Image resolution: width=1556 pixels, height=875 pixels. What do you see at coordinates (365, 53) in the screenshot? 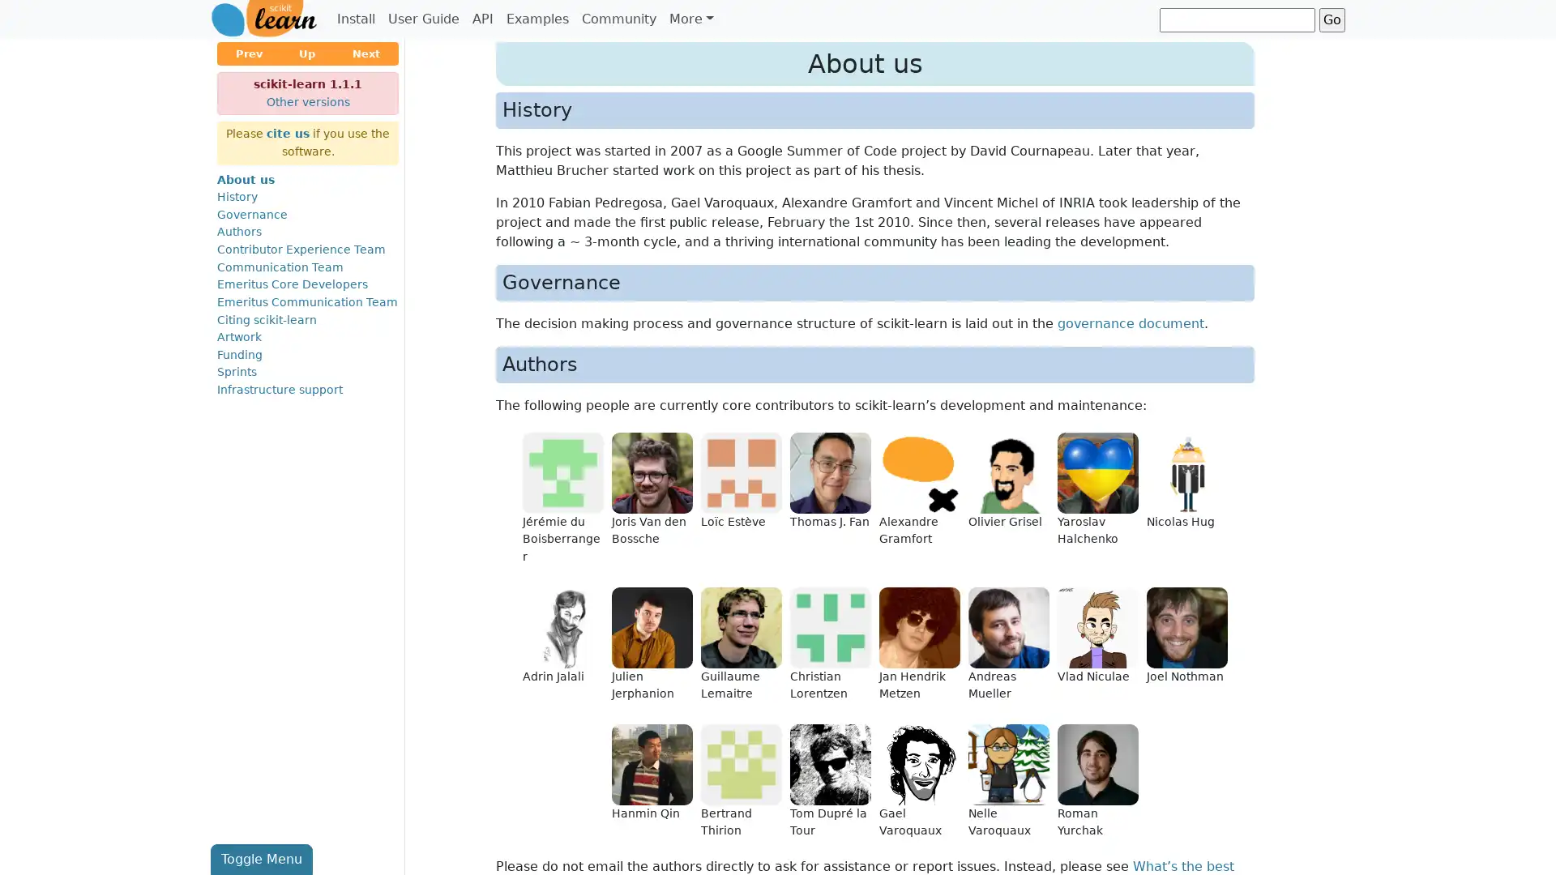
I see `Next` at bounding box center [365, 53].